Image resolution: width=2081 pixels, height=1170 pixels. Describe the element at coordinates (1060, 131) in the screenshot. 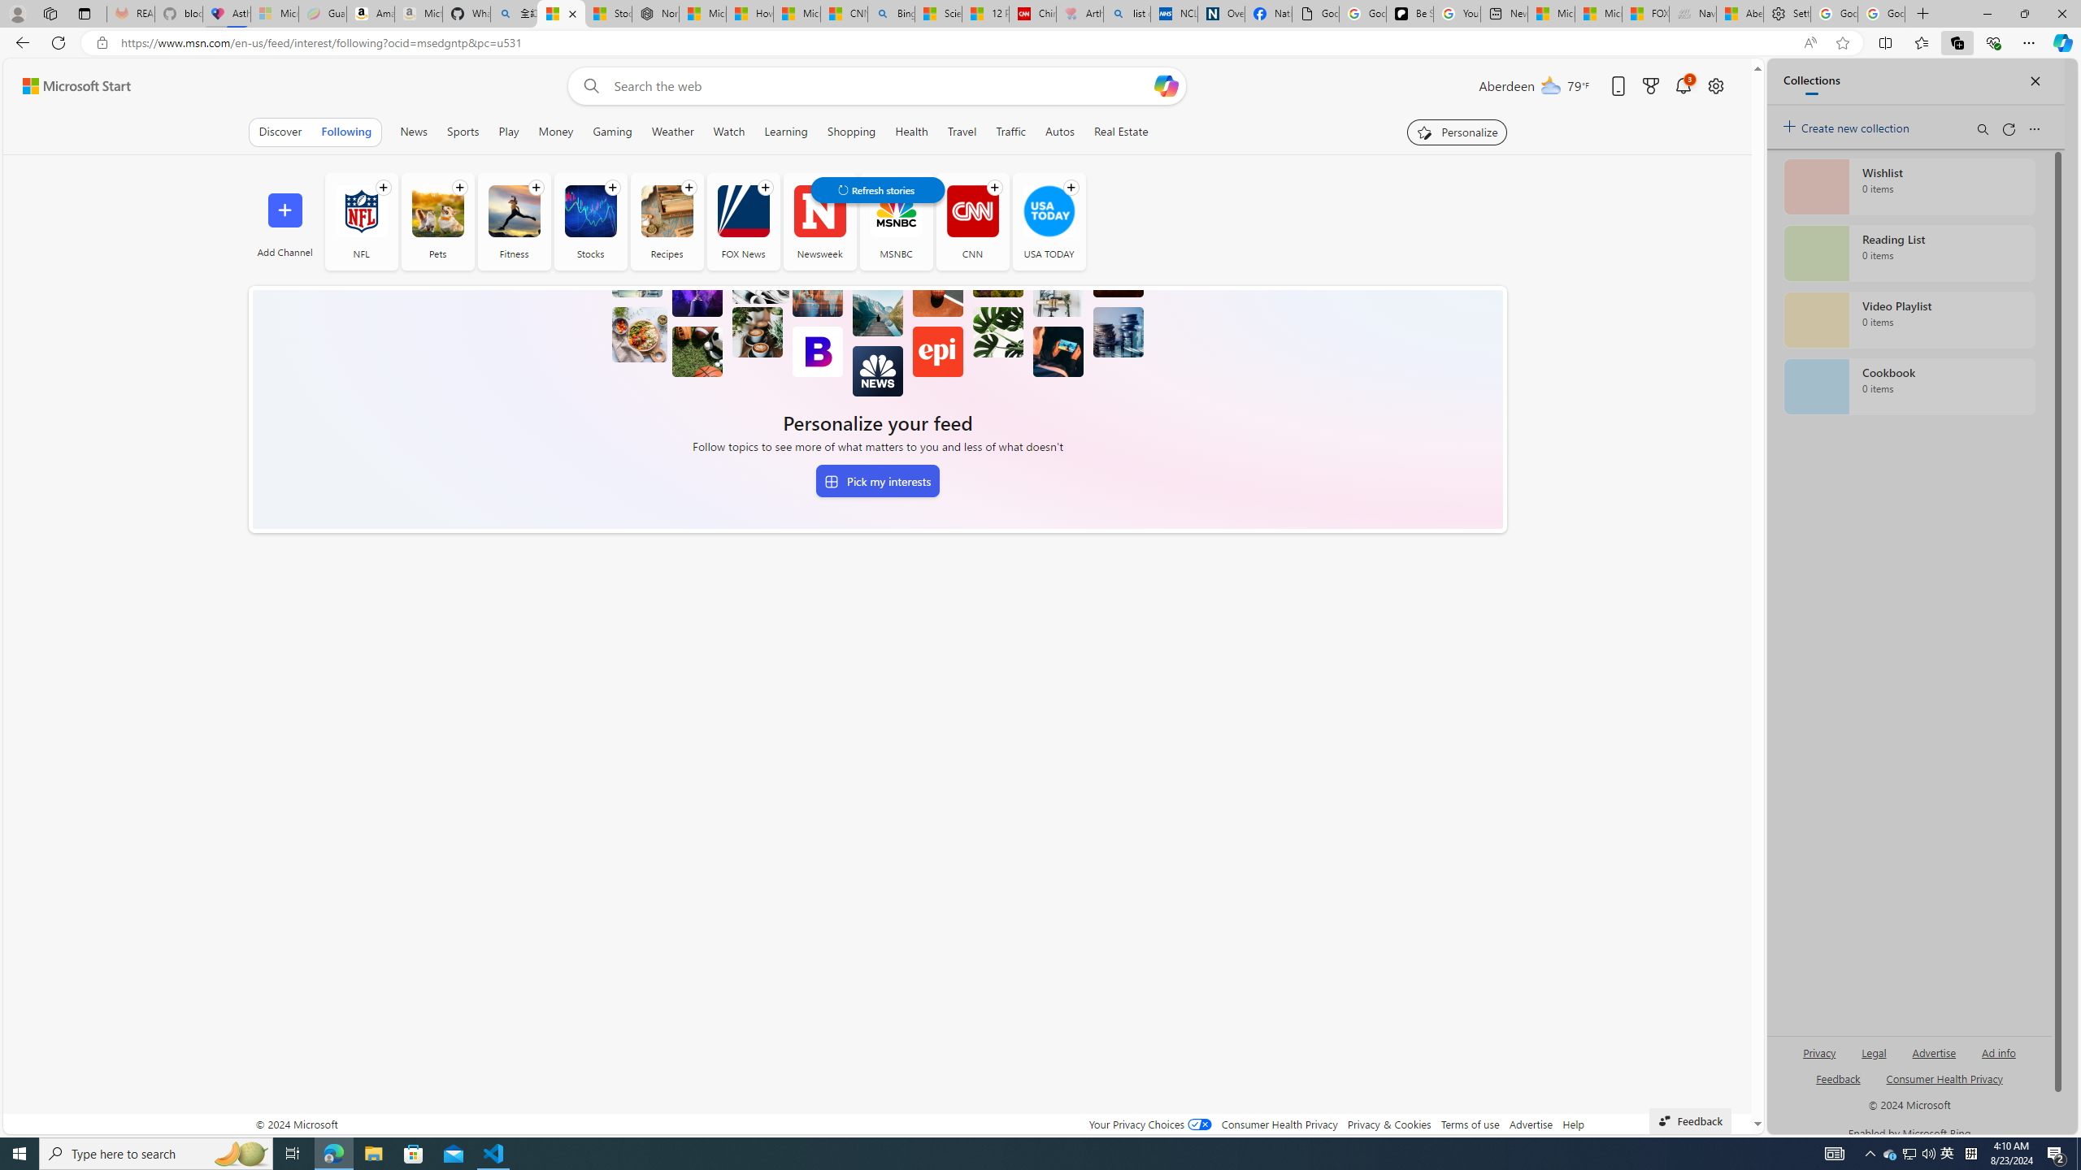

I see `'Autos'` at that location.